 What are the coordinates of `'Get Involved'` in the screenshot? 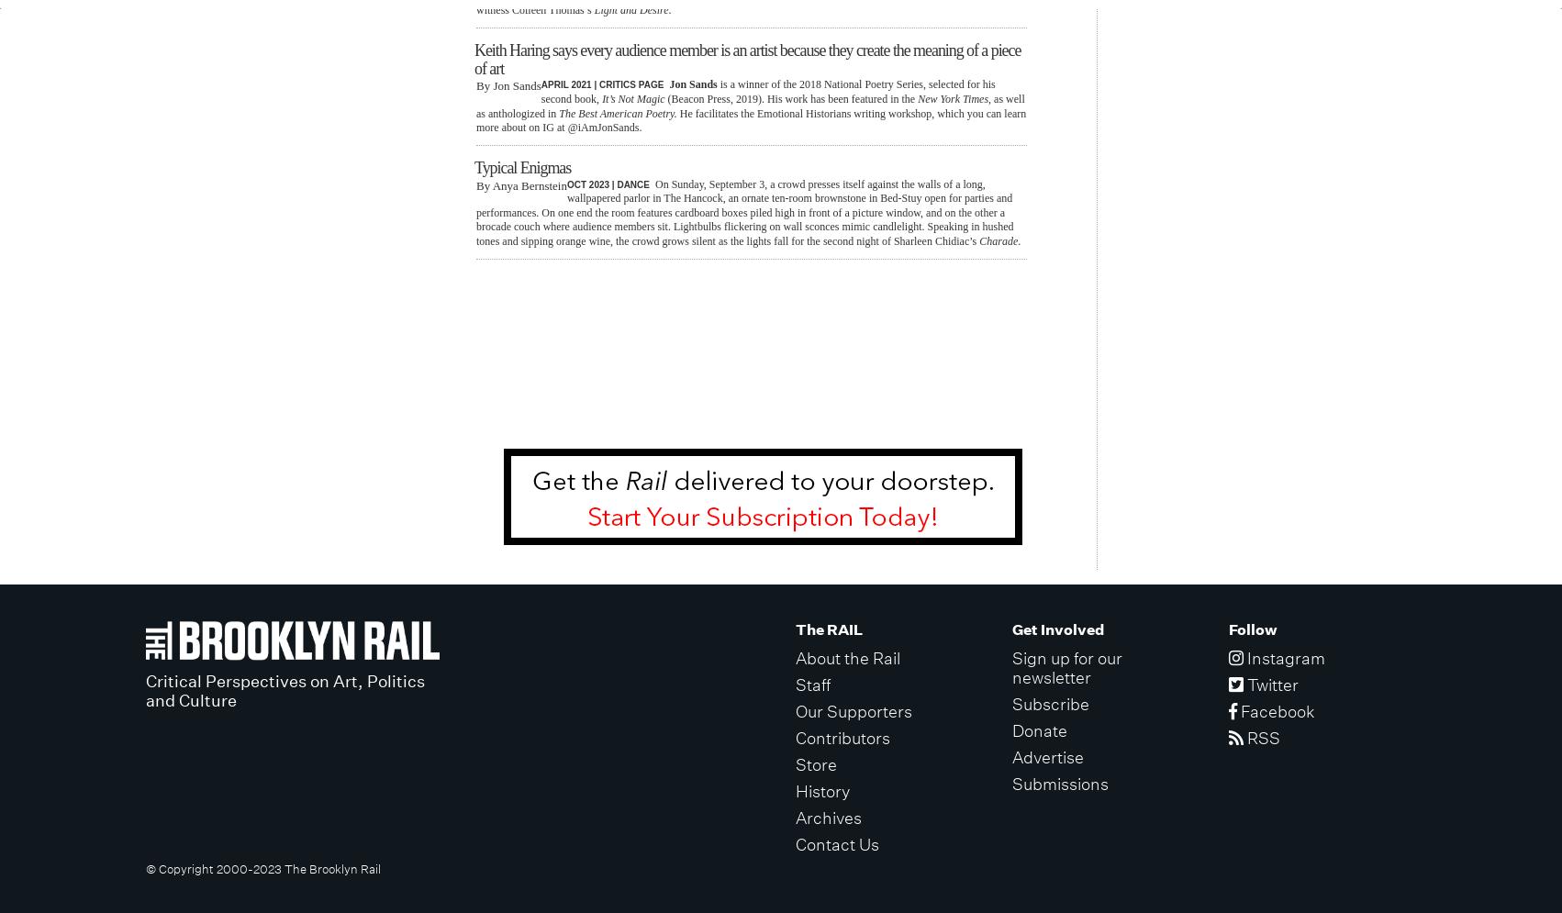 It's located at (1057, 628).